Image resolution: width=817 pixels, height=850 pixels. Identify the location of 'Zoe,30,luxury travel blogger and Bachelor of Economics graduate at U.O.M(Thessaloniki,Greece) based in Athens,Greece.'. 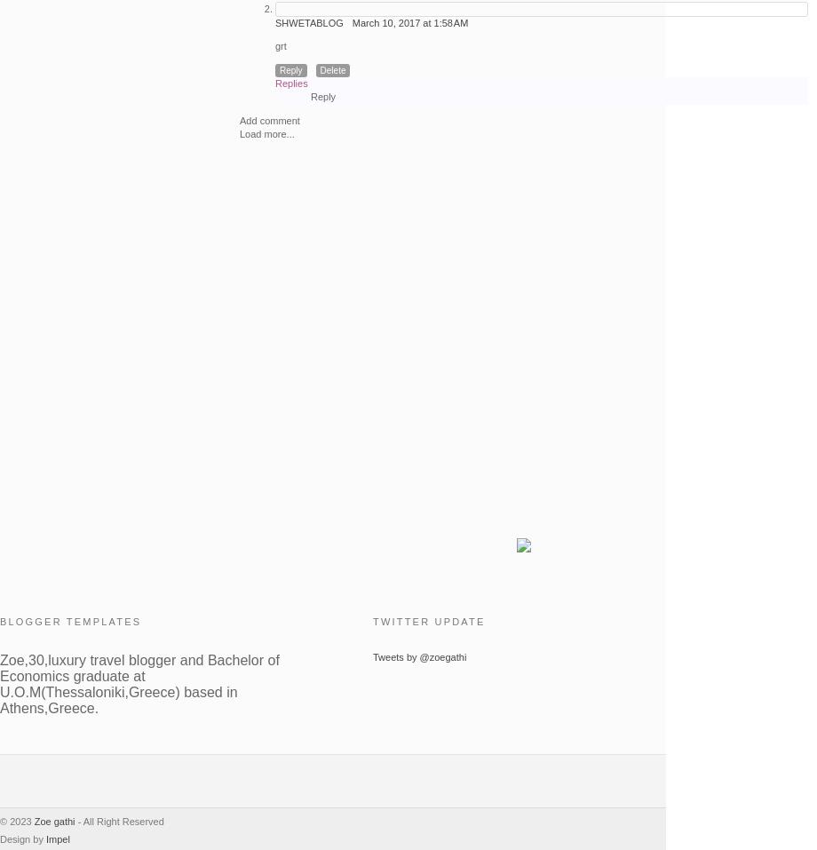
(139, 682).